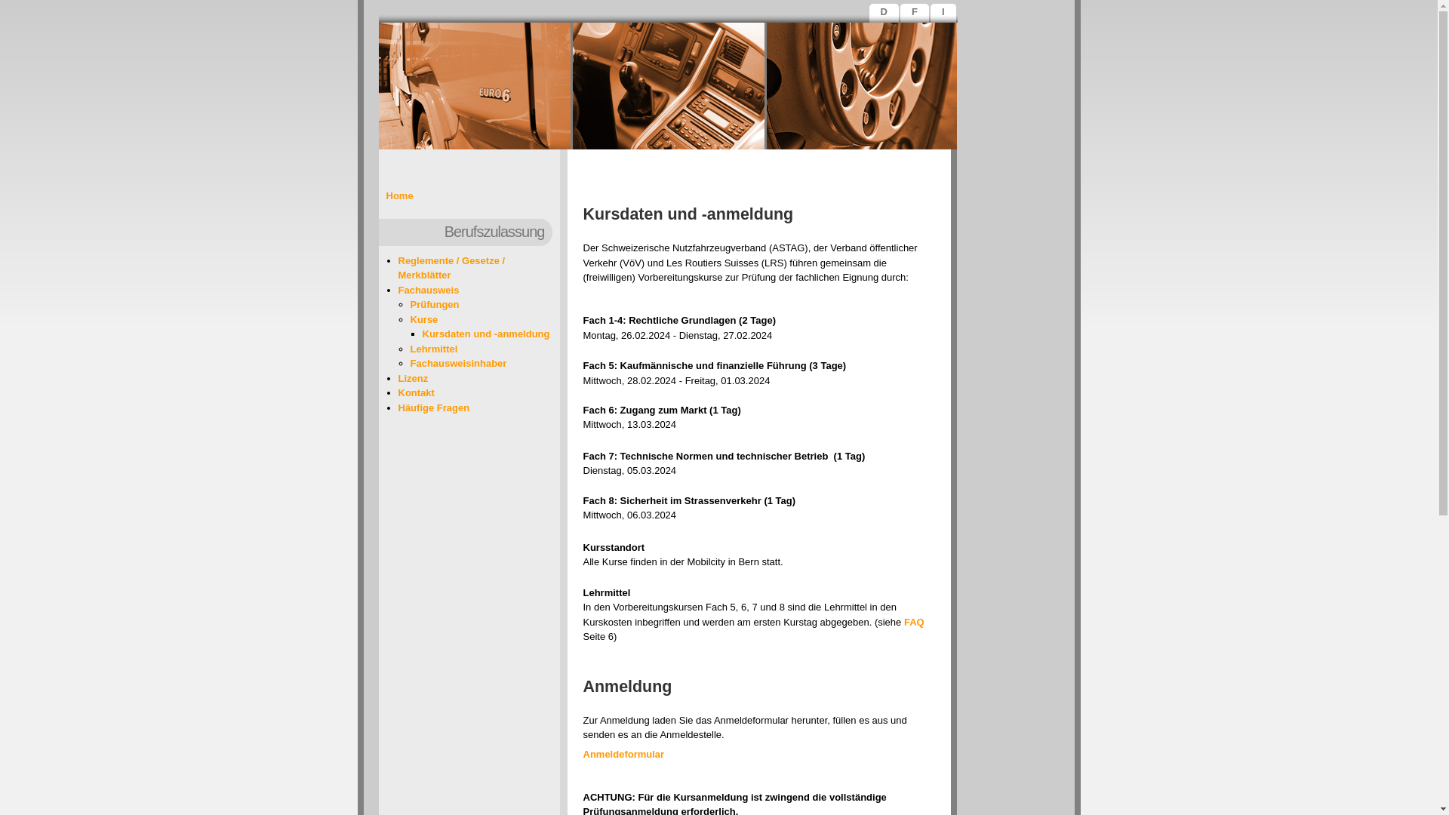 Image resolution: width=1449 pixels, height=815 pixels. Describe the element at coordinates (913, 621) in the screenshot. I see `'FAQ'` at that location.